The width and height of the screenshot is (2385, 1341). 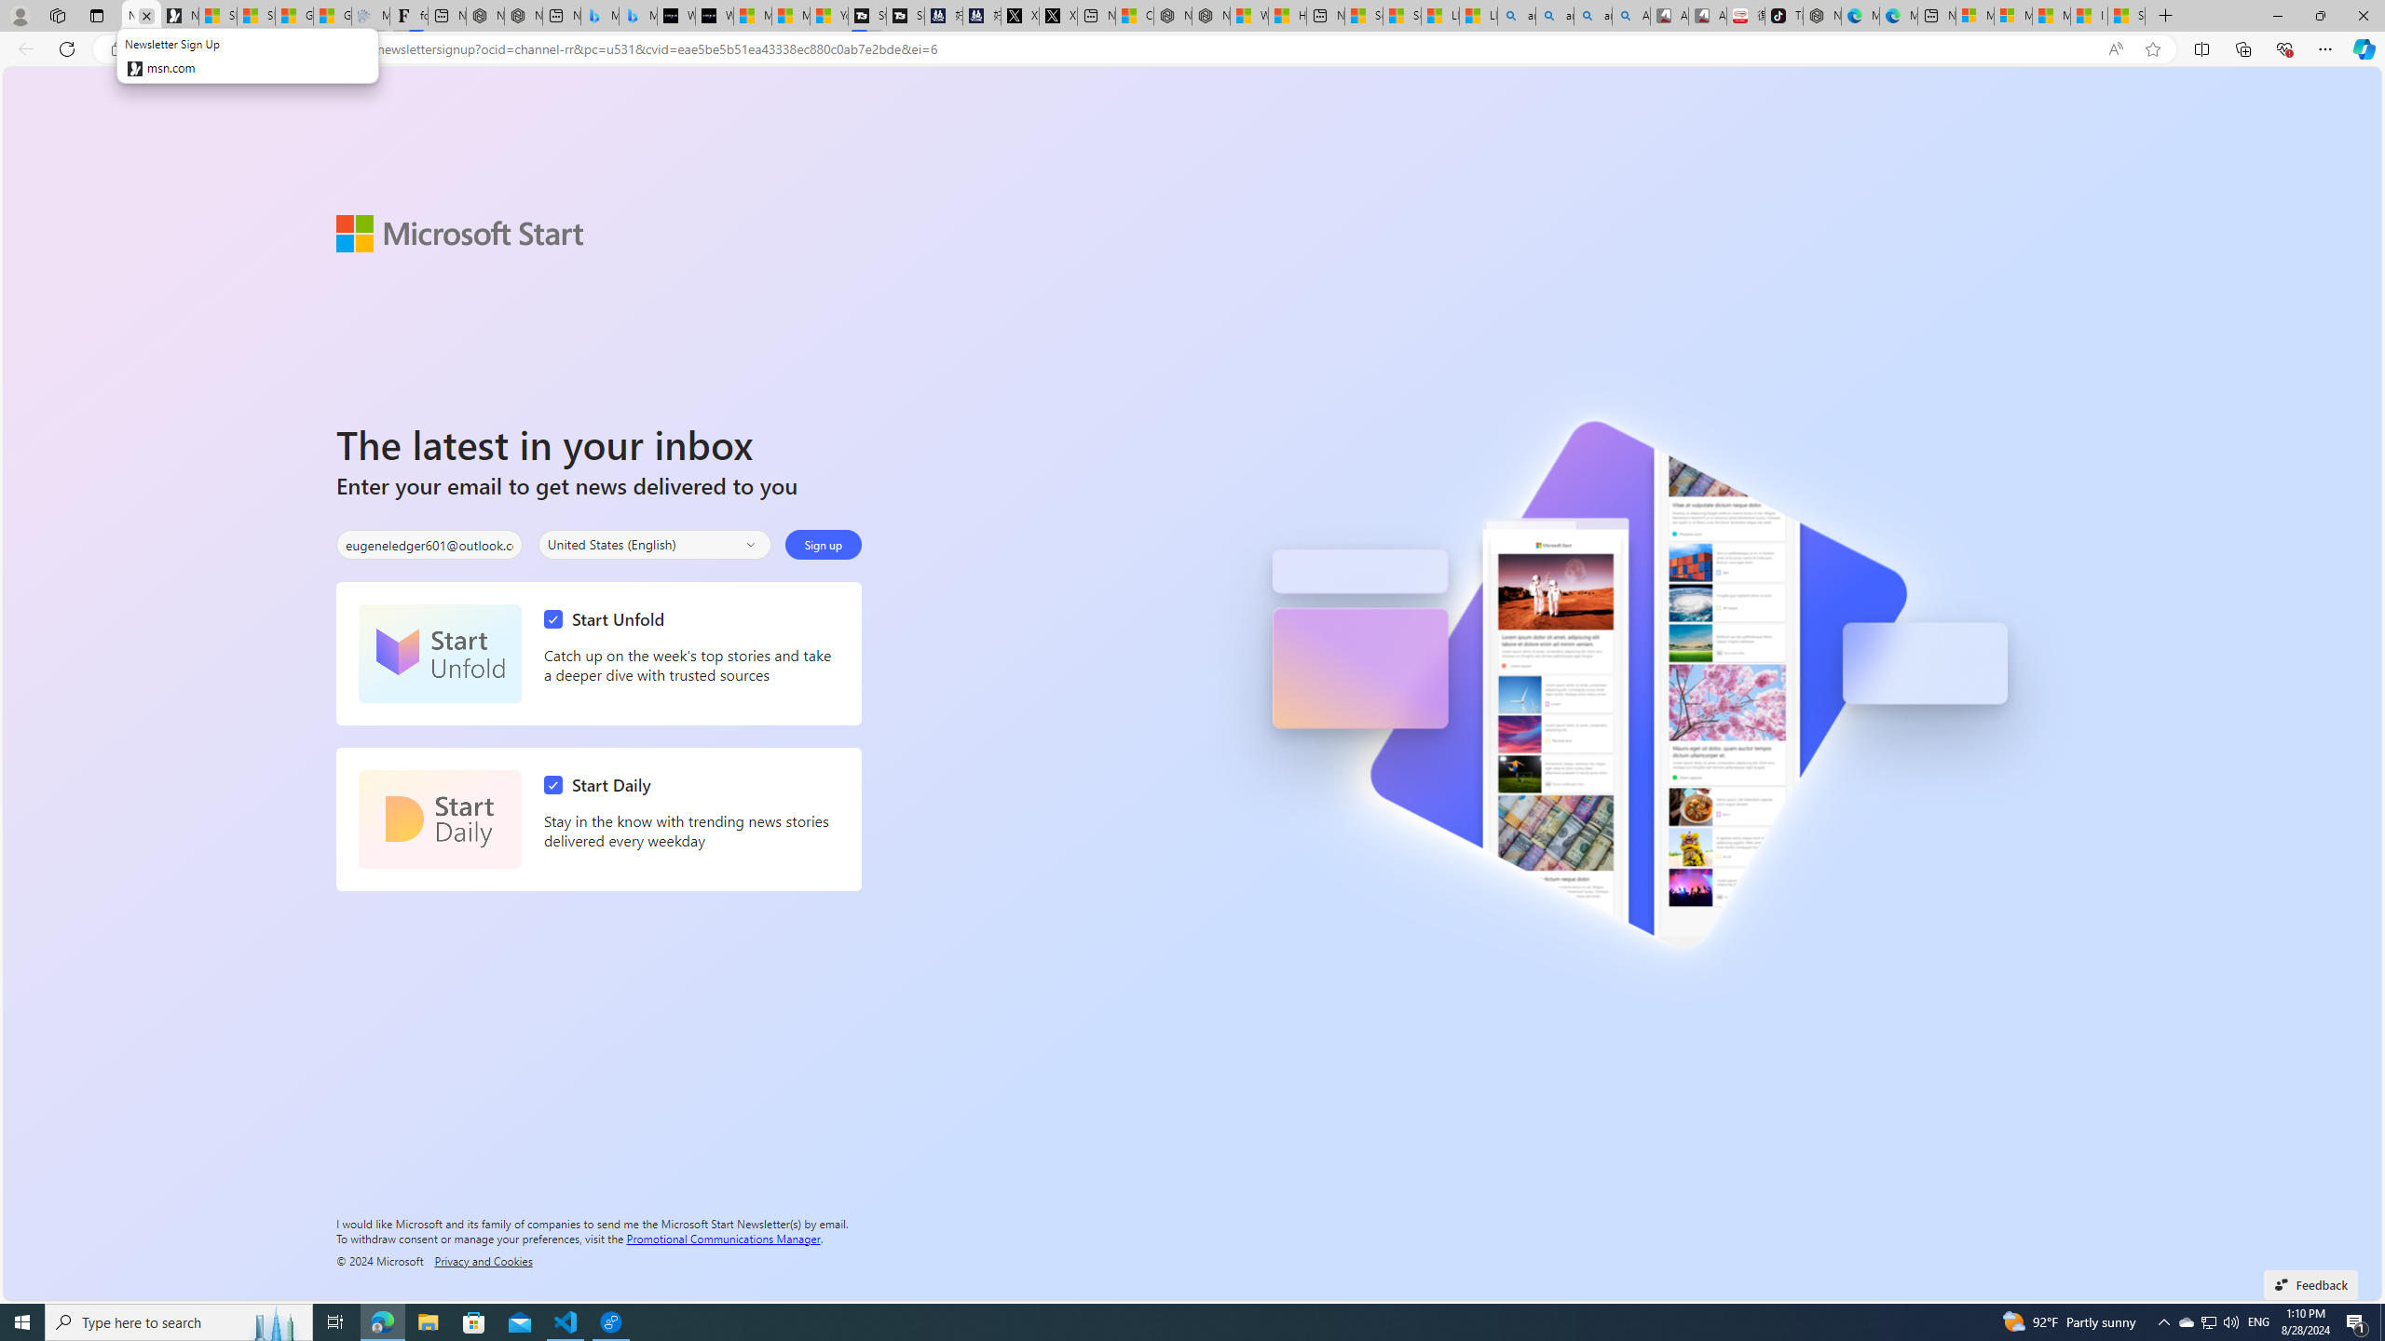 What do you see at coordinates (440, 819) in the screenshot?
I see `'Start Daily'` at bounding box center [440, 819].